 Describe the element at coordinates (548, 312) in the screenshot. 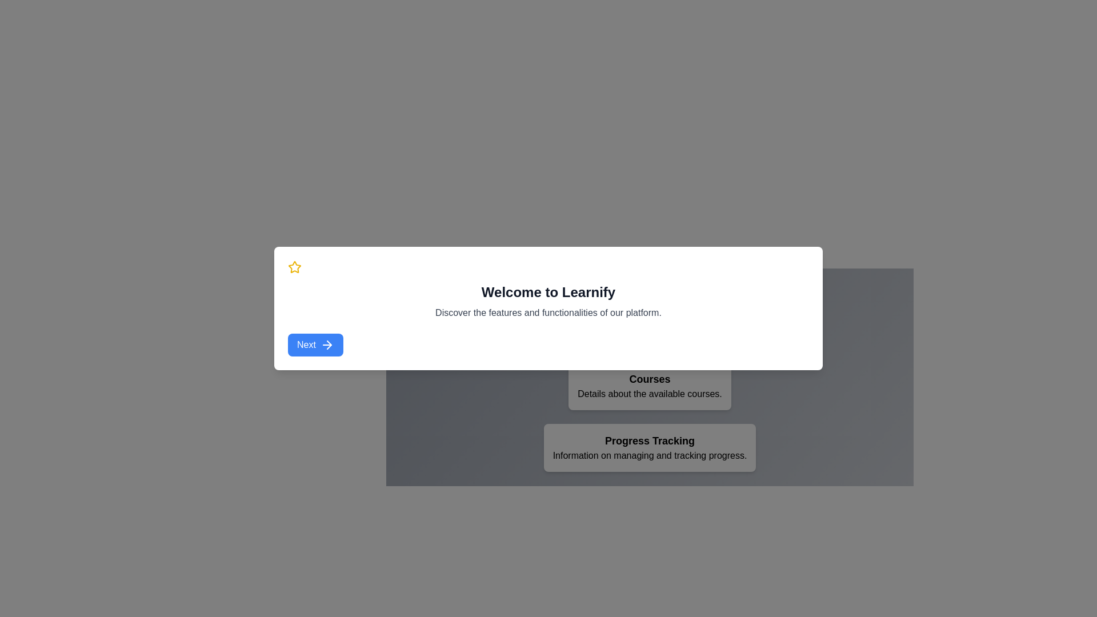

I see `the second textual component that provides a brief descriptive tagline below the heading 'Welcome to Learnify' and above the 'Next' button` at that location.